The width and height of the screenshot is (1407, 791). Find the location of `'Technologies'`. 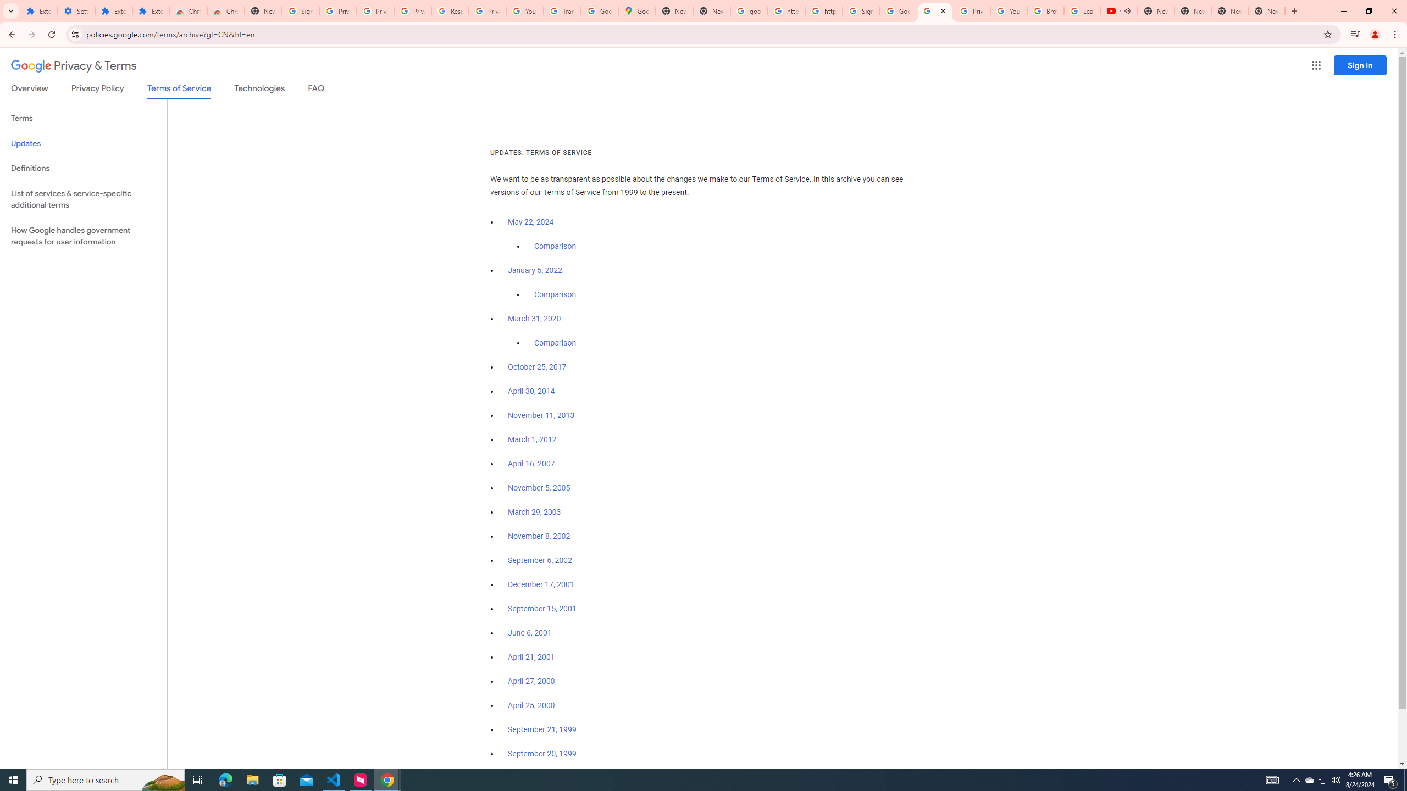

'Technologies' is located at coordinates (259, 90).